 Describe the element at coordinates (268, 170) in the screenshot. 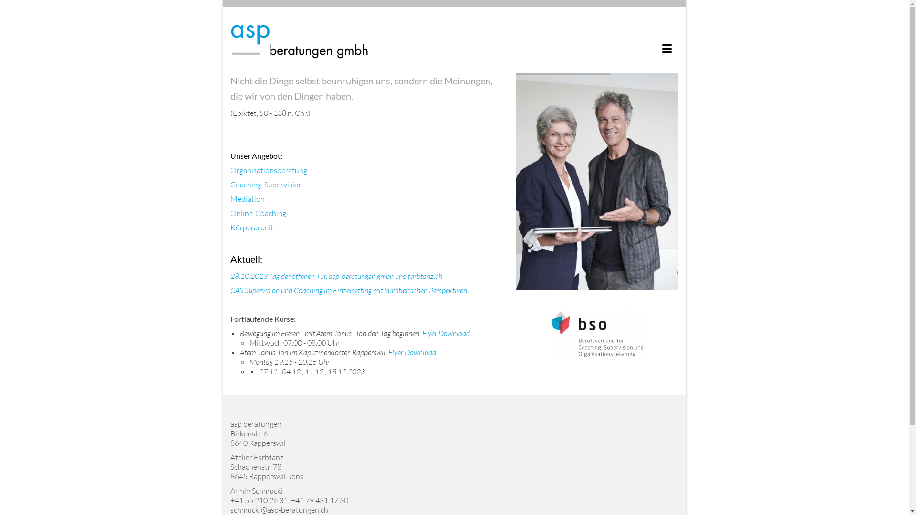

I see `'Organisationsberatung'` at that location.